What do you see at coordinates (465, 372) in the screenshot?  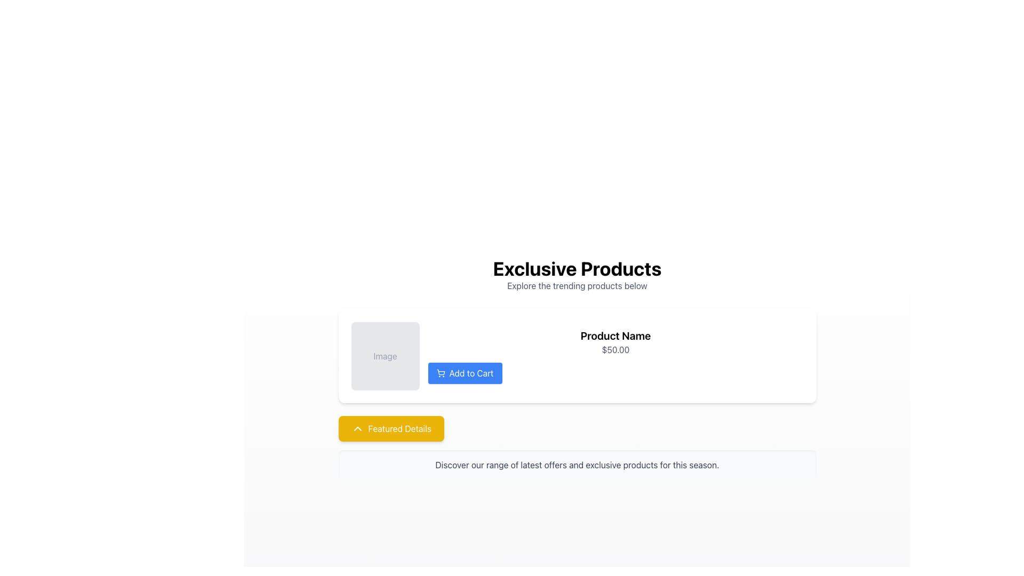 I see `the 'Add to Cart' button, which has a blue background, white text, and a cart icon, to observe the hover effect` at bounding box center [465, 372].